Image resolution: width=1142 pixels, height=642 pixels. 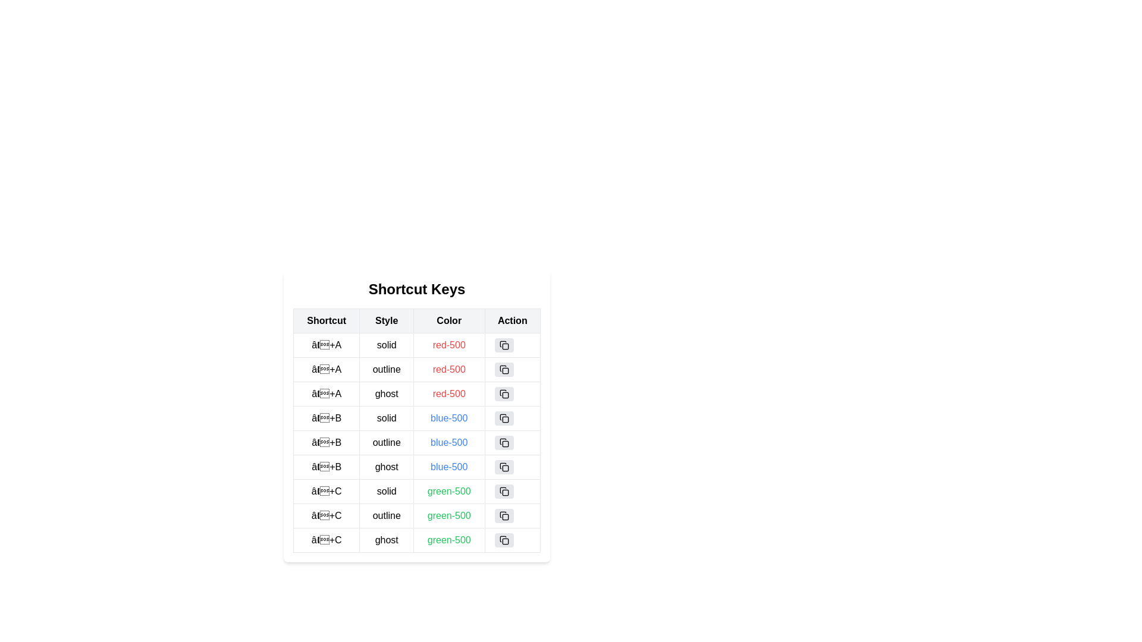 I want to click on the static text label displaying 'solid' in bold black font, located in the second column of the table under the header, adjacent to '⌘+A' in the Shortcut column and 'red-500' in the Color column, so click(x=387, y=345).